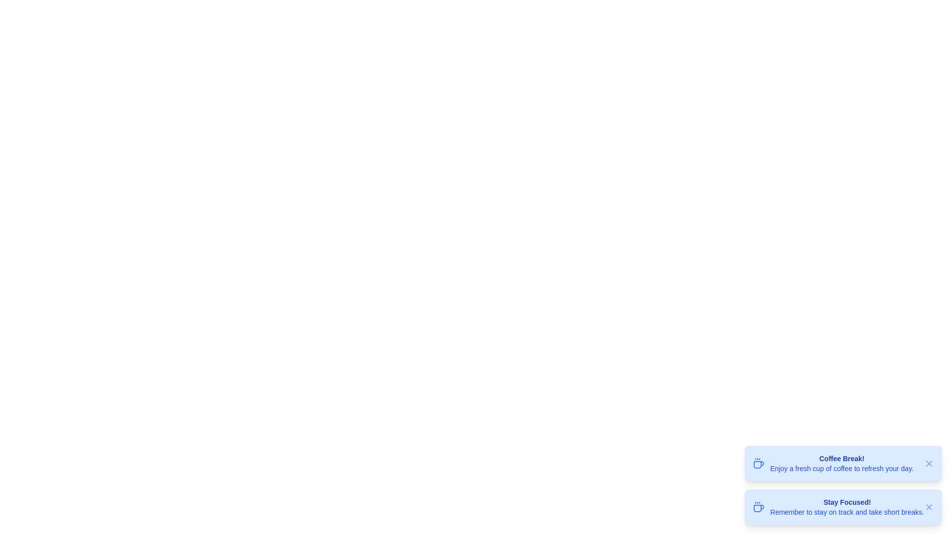 The image size is (952, 535). What do you see at coordinates (928, 464) in the screenshot?
I see `the close button of the message titled 'Coffee Break!' to dismiss it` at bounding box center [928, 464].